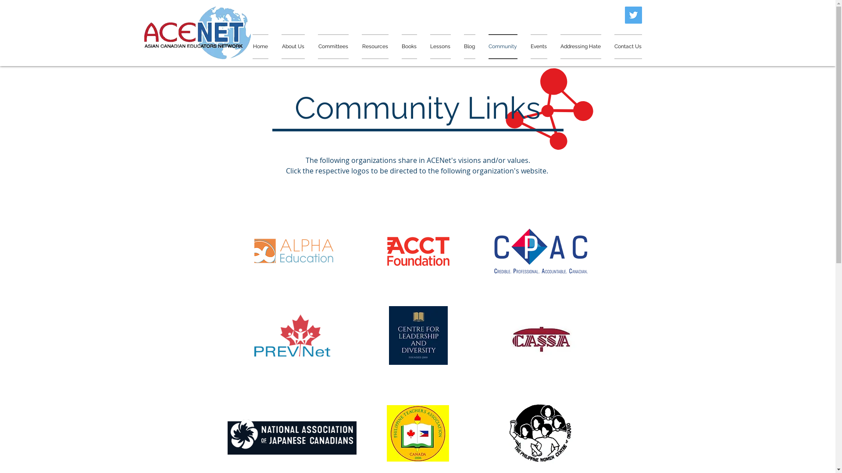 The width and height of the screenshot is (842, 473). I want to click on 'Community', so click(503, 46).